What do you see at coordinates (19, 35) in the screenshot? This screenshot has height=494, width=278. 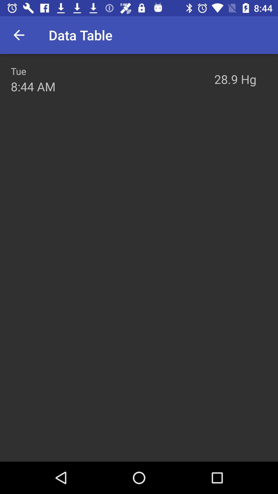 I see `the icon next to data table item` at bounding box center [19, 35].